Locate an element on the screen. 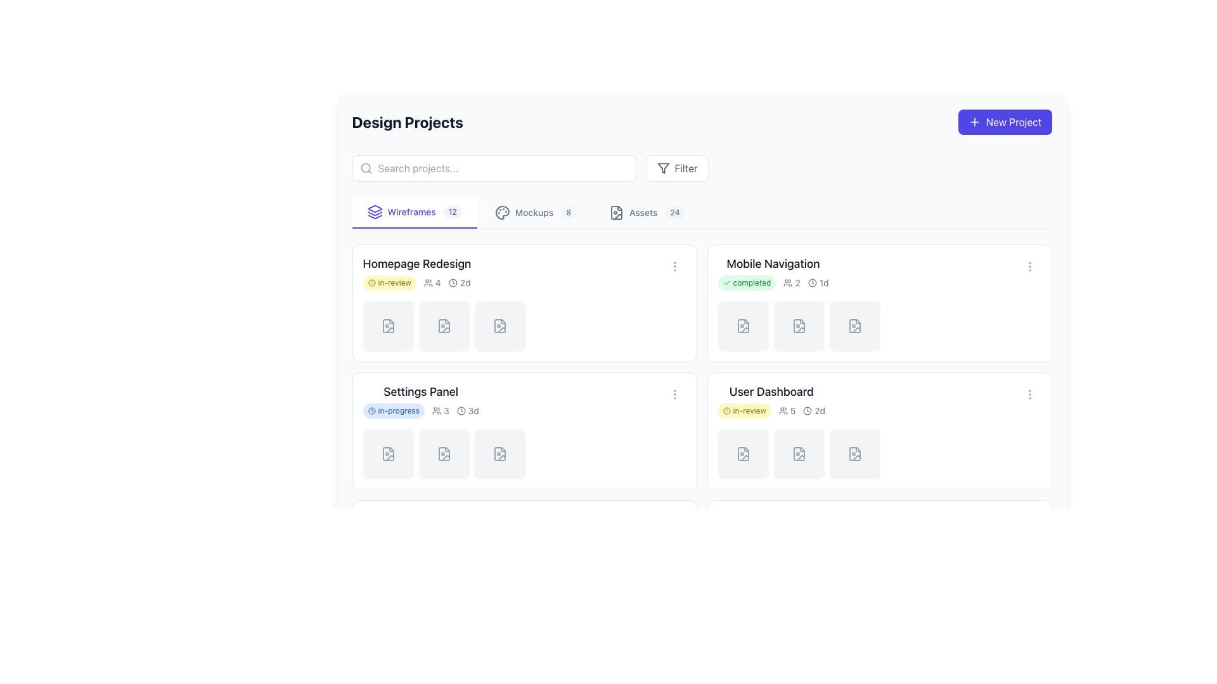 Image resolution: width=1217 pixels, height=684 pixels. the vertical ellipsis icon (three vertically aligned dots) in the top-right corner of the 'Mobile Navigation' card is located at coordinates (1029, 265).